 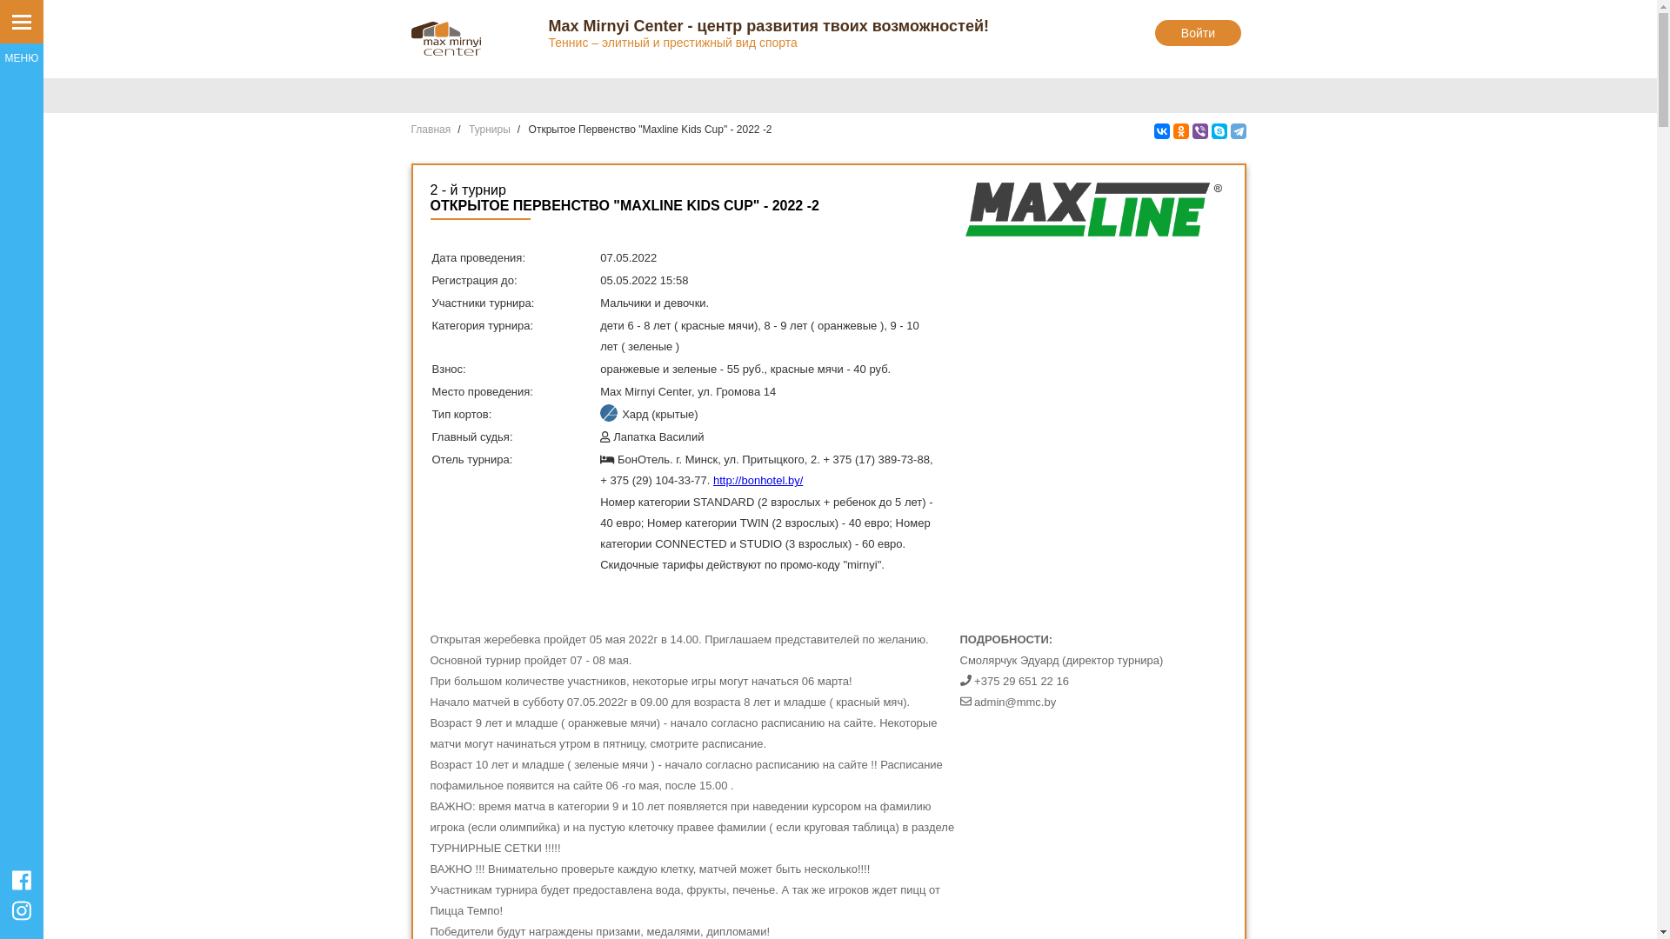 What do you see at coordinates (758, 480) in the screenshot?
I see `'http://bonhotel.by/'` at bounding box center [758, 480].